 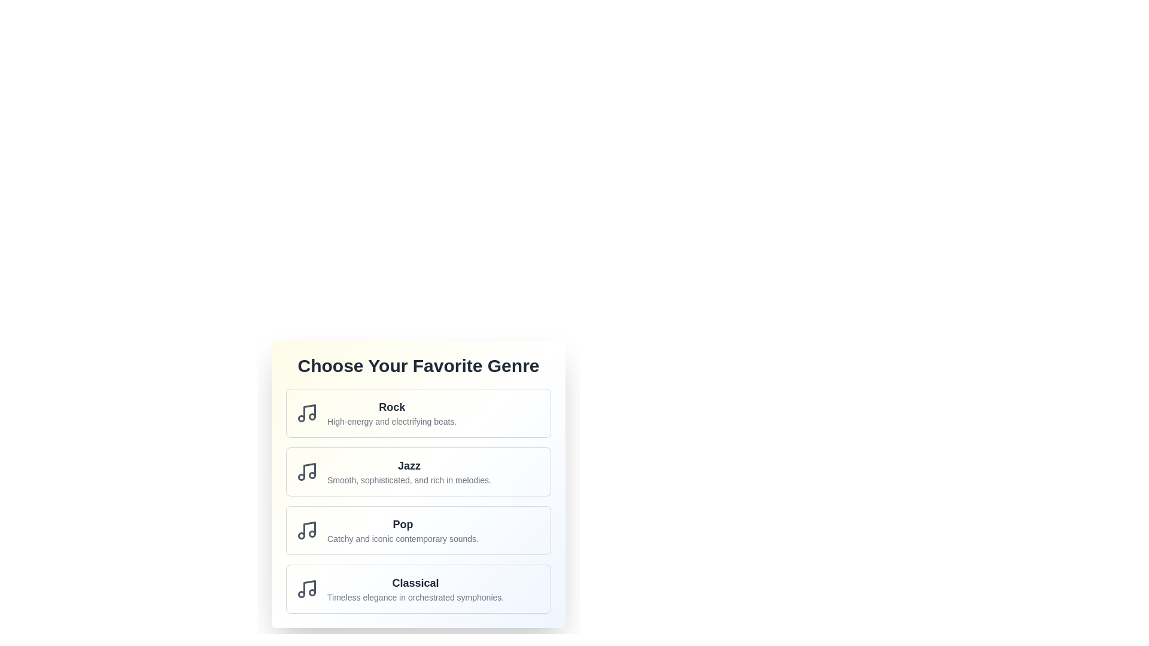 What do you see at coordinates (409, 479) in the screenshot?
I see `the descriptive text that reads 'Smooth, sophisticated, and rich in melodies.' styled in gray, located beneath the 'Jazz' title text` at bounding box center [409, 479].